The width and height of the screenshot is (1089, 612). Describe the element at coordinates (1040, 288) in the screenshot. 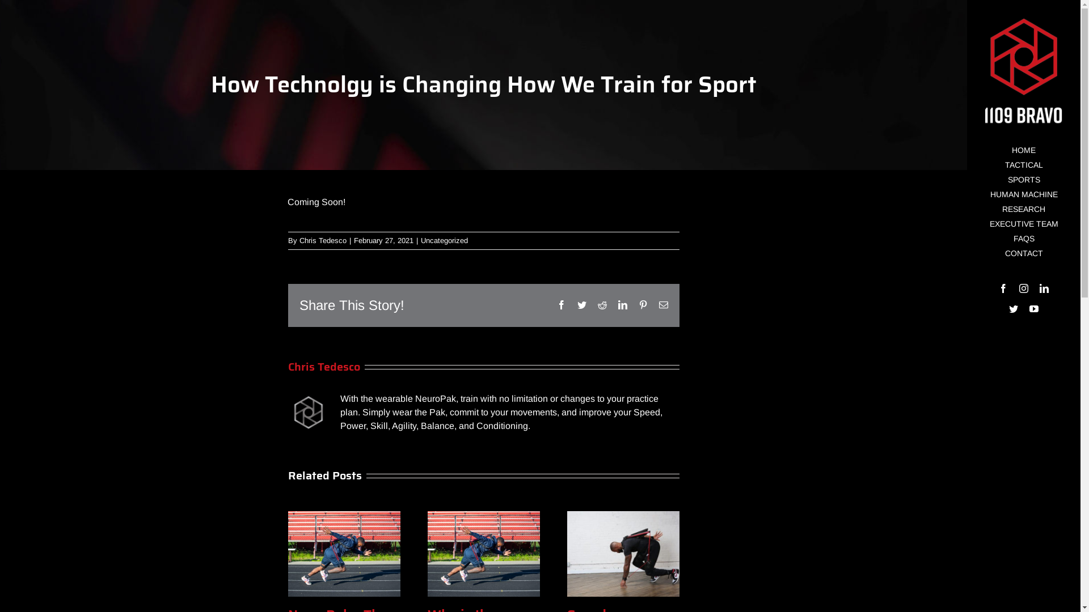

I see `'LinkedIn'` at that location.